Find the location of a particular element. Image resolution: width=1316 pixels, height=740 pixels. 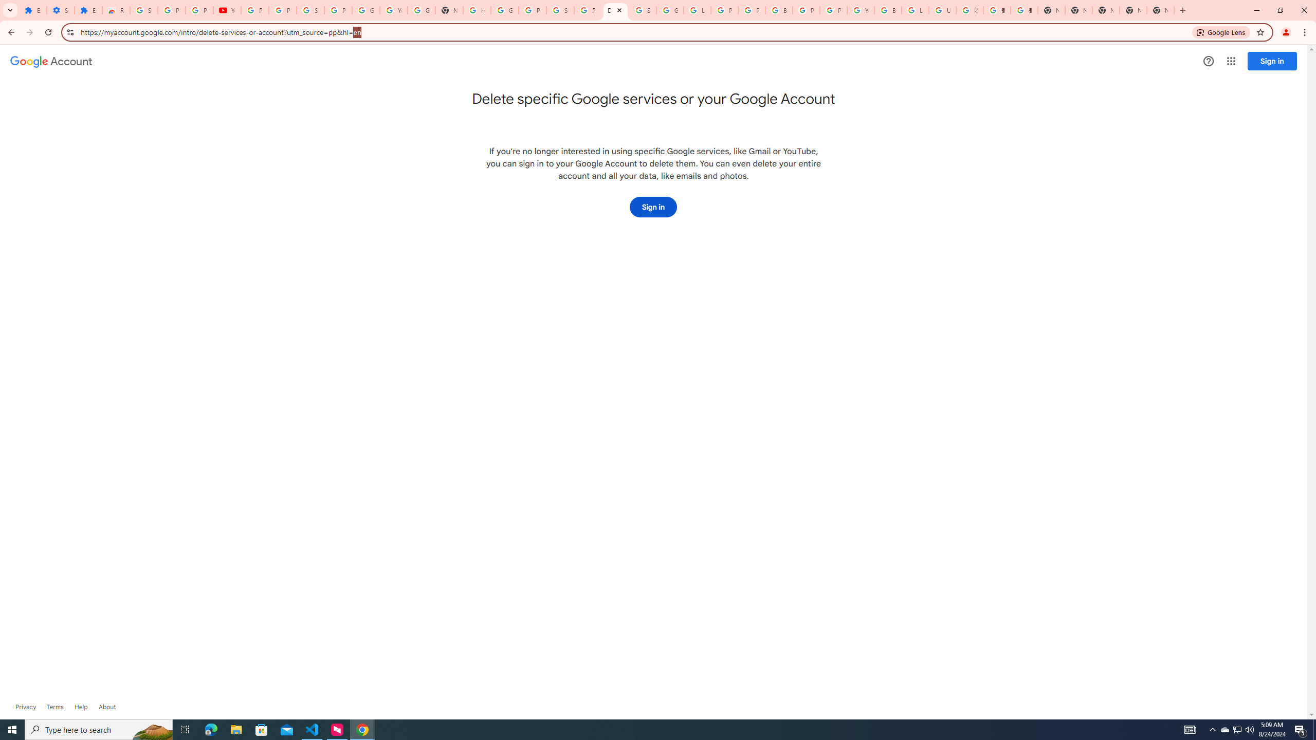

'Extensions' is located at coordinates (88, 10).